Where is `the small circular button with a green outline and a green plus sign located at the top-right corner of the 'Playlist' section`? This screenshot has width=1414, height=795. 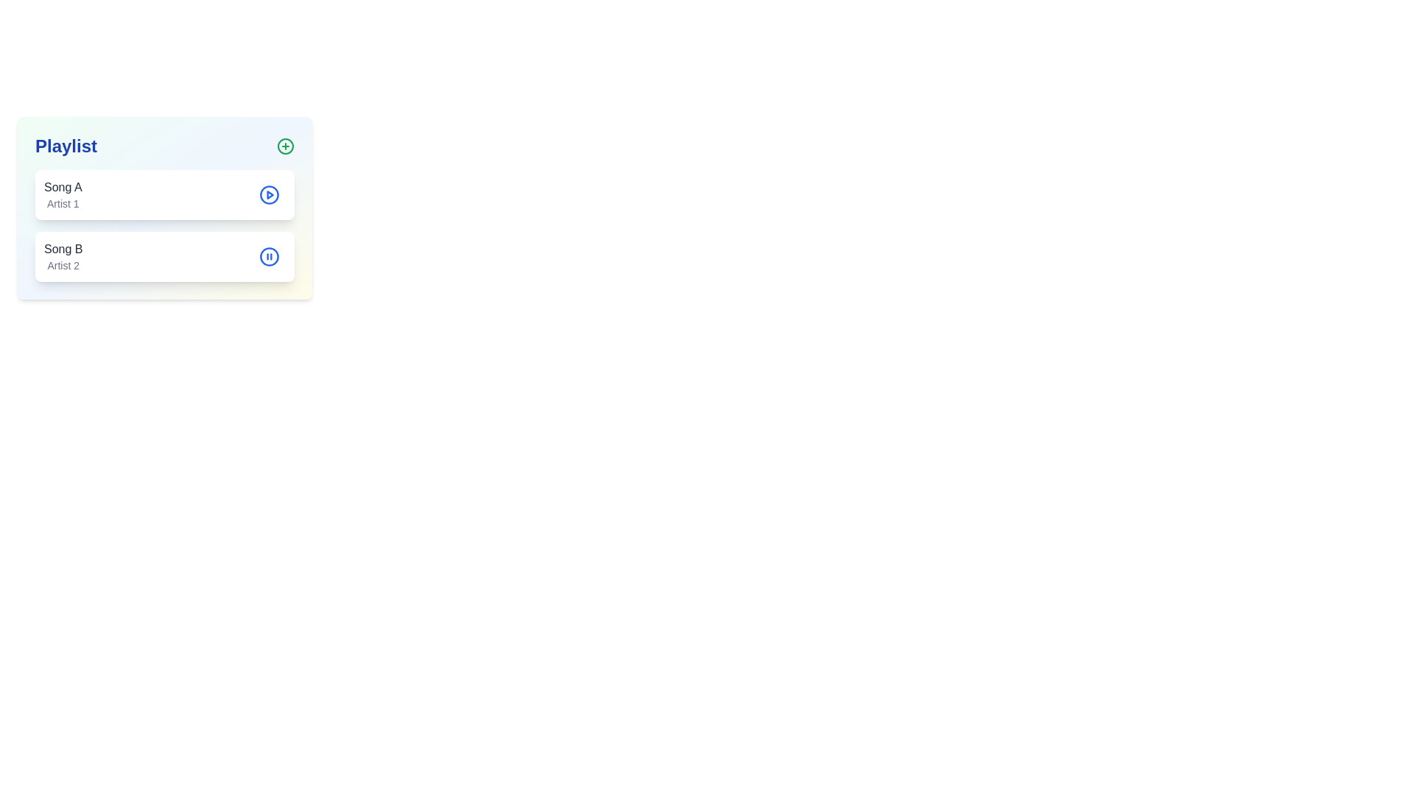 the small circular button with a green outline and a green plus sign located at the top-right corner of the 'Playlist' section is located at coordinates (286, 146).